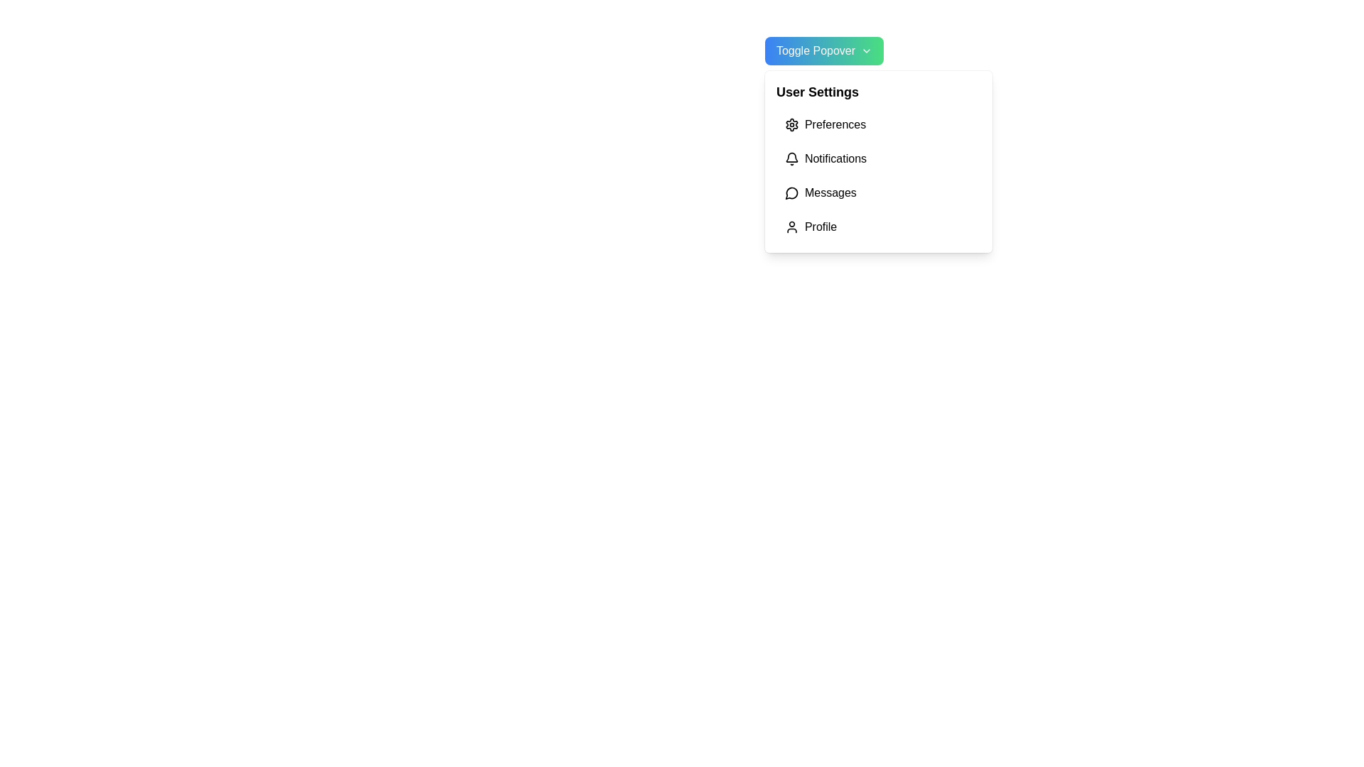  I want to click on an option in the dropdown menu located at the top right of the interface, below the 'Toggle Popover' button, so click(877, 161).